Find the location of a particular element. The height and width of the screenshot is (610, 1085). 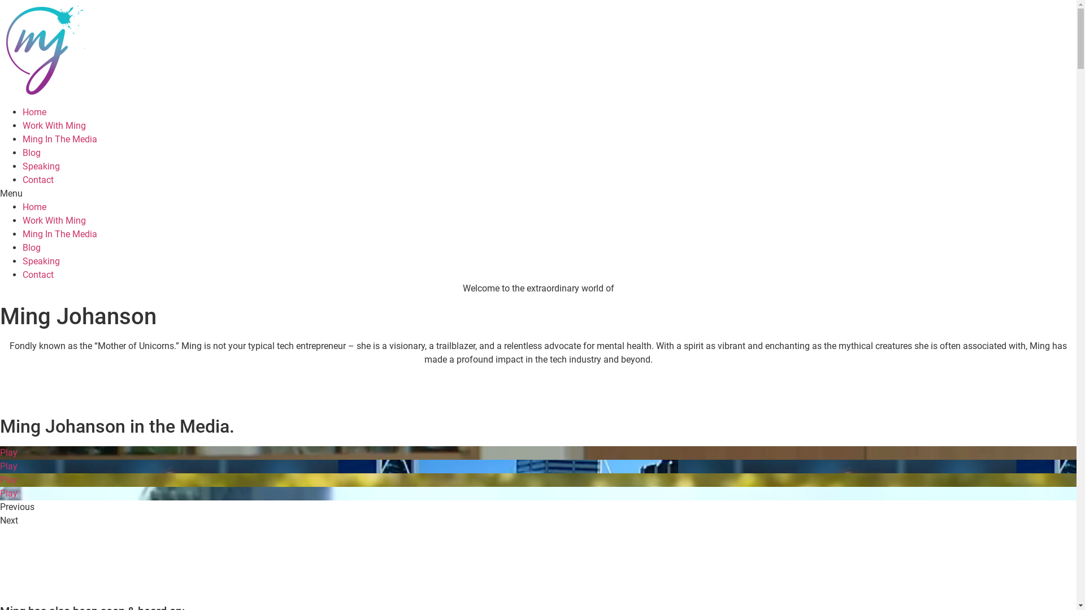

'Play' is located at coordinates (537, 493).